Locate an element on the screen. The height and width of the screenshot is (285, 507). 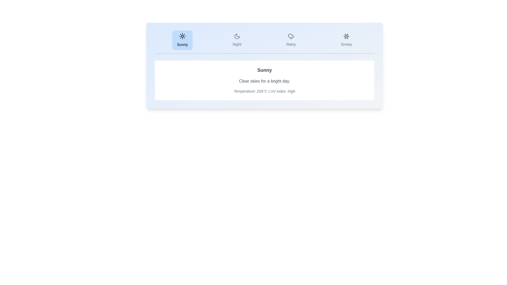
the tab corresponding to Night to activate it is located at coordinates (237, 40).